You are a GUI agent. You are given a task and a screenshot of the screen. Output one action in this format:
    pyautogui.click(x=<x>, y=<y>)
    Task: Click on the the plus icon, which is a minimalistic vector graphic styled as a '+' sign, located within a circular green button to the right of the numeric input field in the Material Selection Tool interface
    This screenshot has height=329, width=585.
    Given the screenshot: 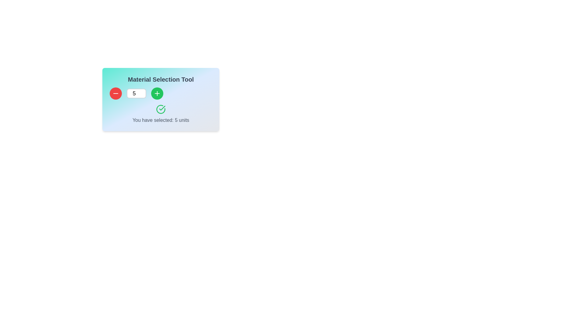 What is the action you would take?
    pyautogui.click(x=157, y=94)
    